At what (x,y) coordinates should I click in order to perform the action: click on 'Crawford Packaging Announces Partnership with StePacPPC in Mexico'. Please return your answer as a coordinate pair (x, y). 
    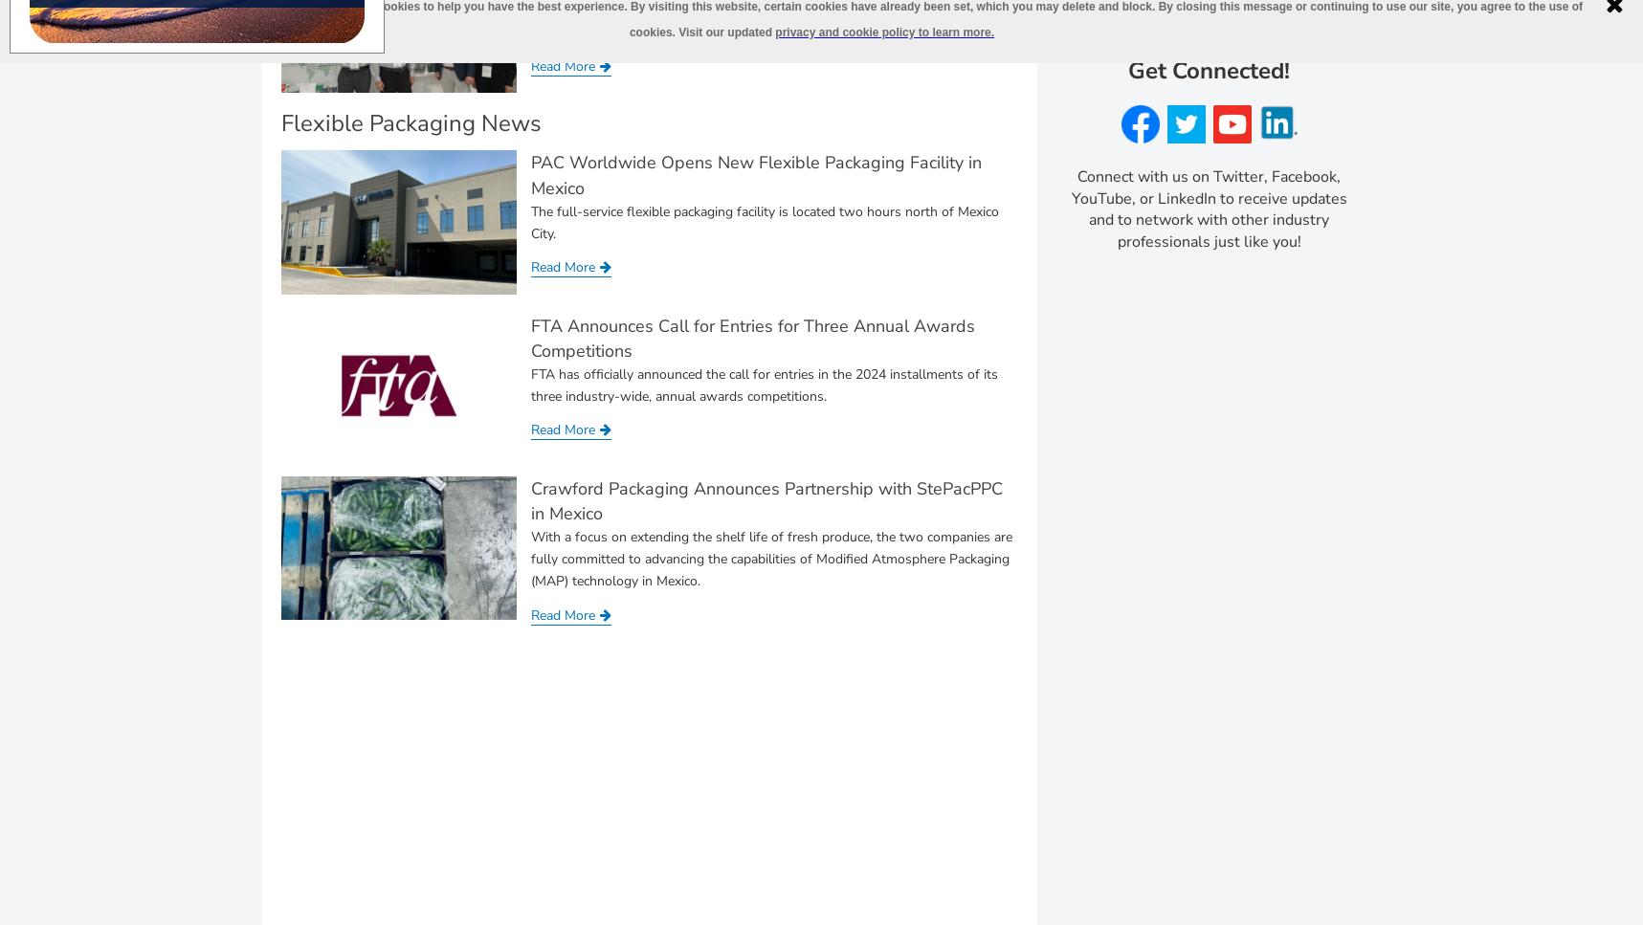
    Looking at the image, I should click on (766, 501).